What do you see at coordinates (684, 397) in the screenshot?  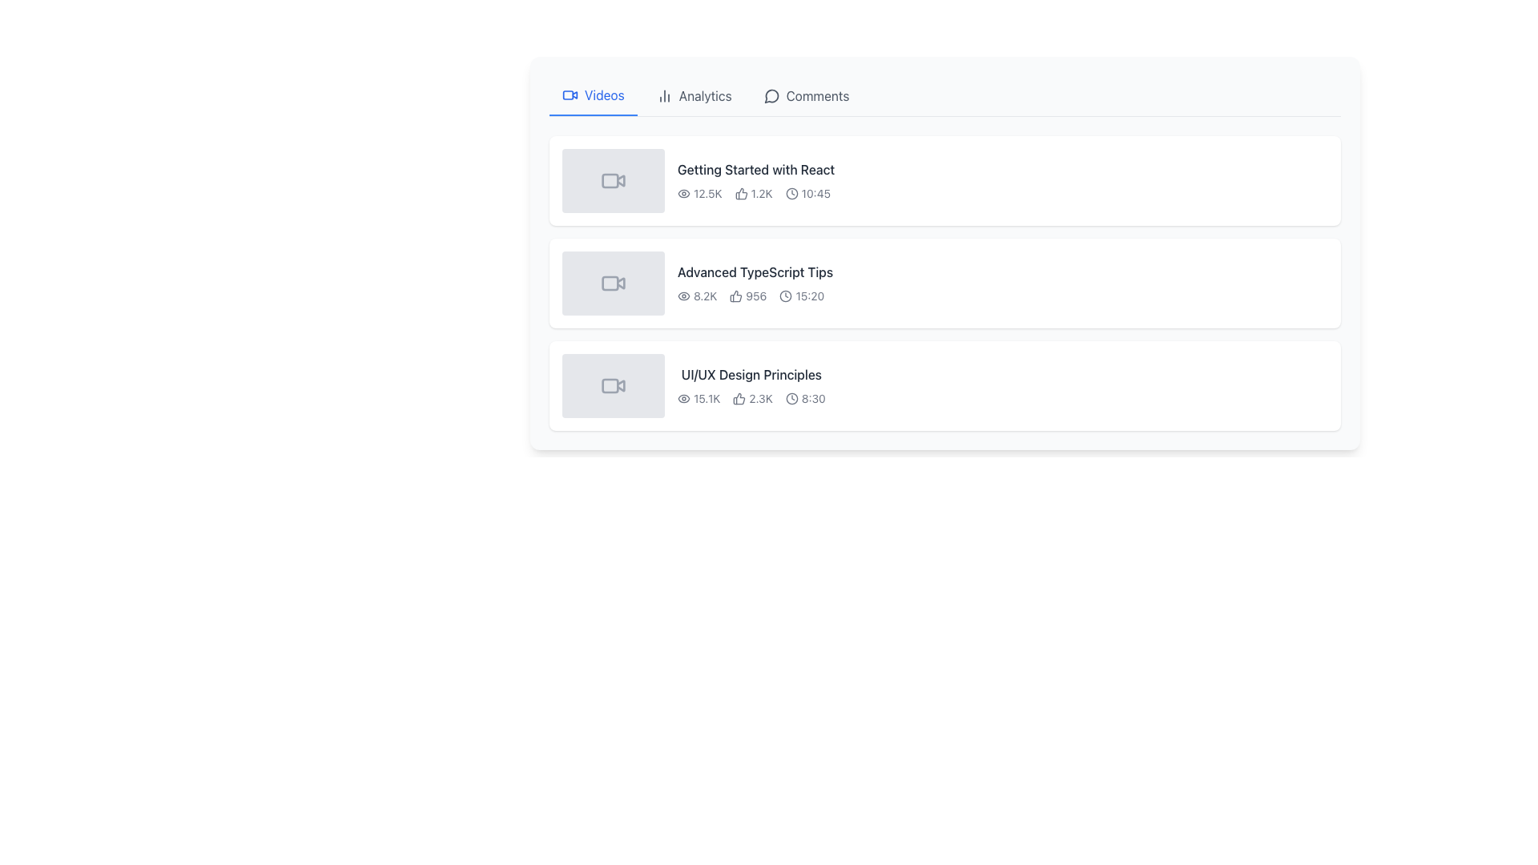 I see `the eye icon located in the top-left corner of the interface` at bounding box center [684, 397].